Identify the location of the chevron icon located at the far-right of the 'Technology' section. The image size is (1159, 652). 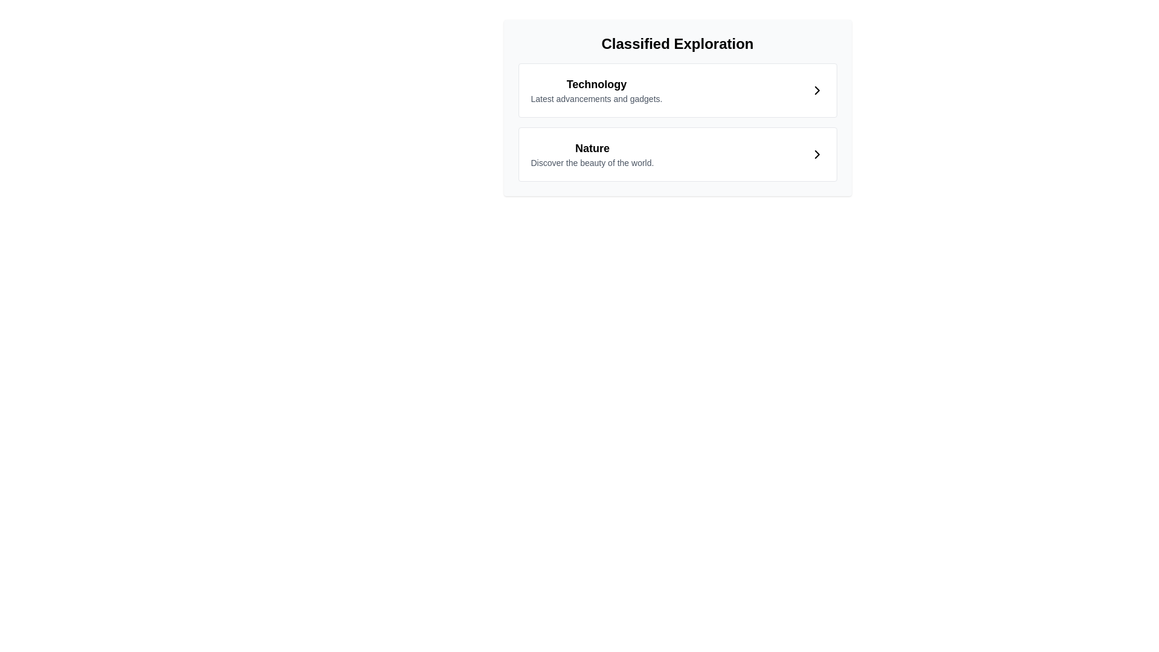
(817, 90).